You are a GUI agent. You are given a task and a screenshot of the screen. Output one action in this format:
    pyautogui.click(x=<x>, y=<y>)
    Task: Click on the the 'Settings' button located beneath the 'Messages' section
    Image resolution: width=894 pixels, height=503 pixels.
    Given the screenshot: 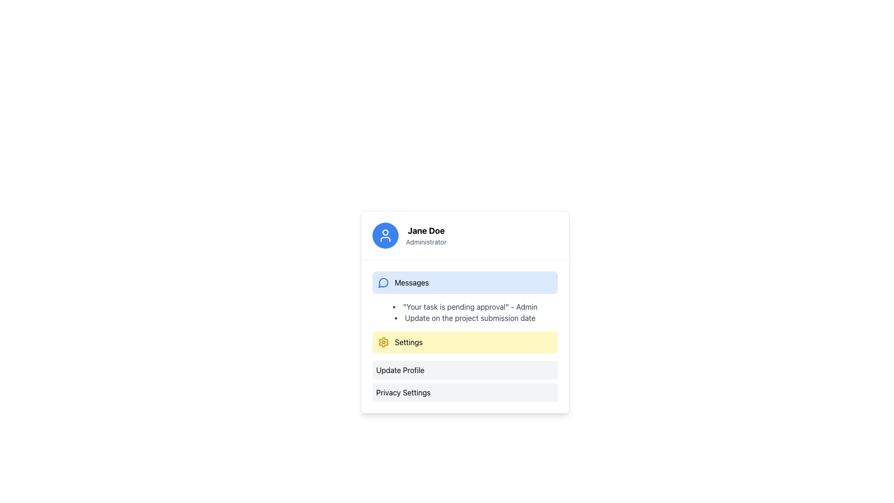 What is the action you would take?
    pyautogui.click(x=465, y=336)
    